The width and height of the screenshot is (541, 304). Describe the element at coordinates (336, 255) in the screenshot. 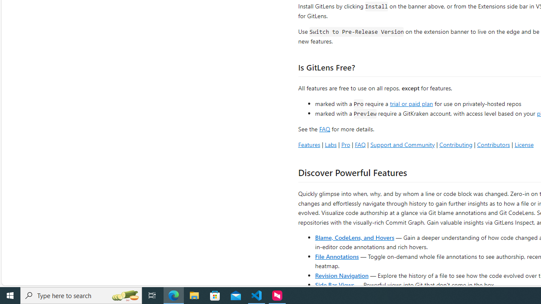

I see `'File Annotations'` at that location.